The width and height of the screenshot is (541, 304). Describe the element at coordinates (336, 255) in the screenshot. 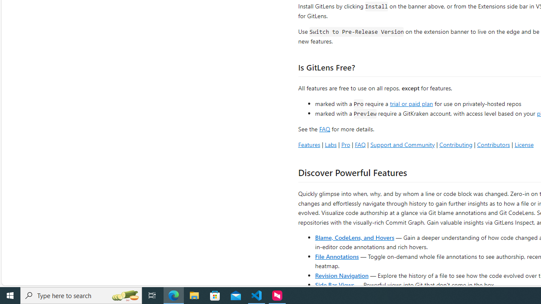

I see `'File Annotations'` at that location.